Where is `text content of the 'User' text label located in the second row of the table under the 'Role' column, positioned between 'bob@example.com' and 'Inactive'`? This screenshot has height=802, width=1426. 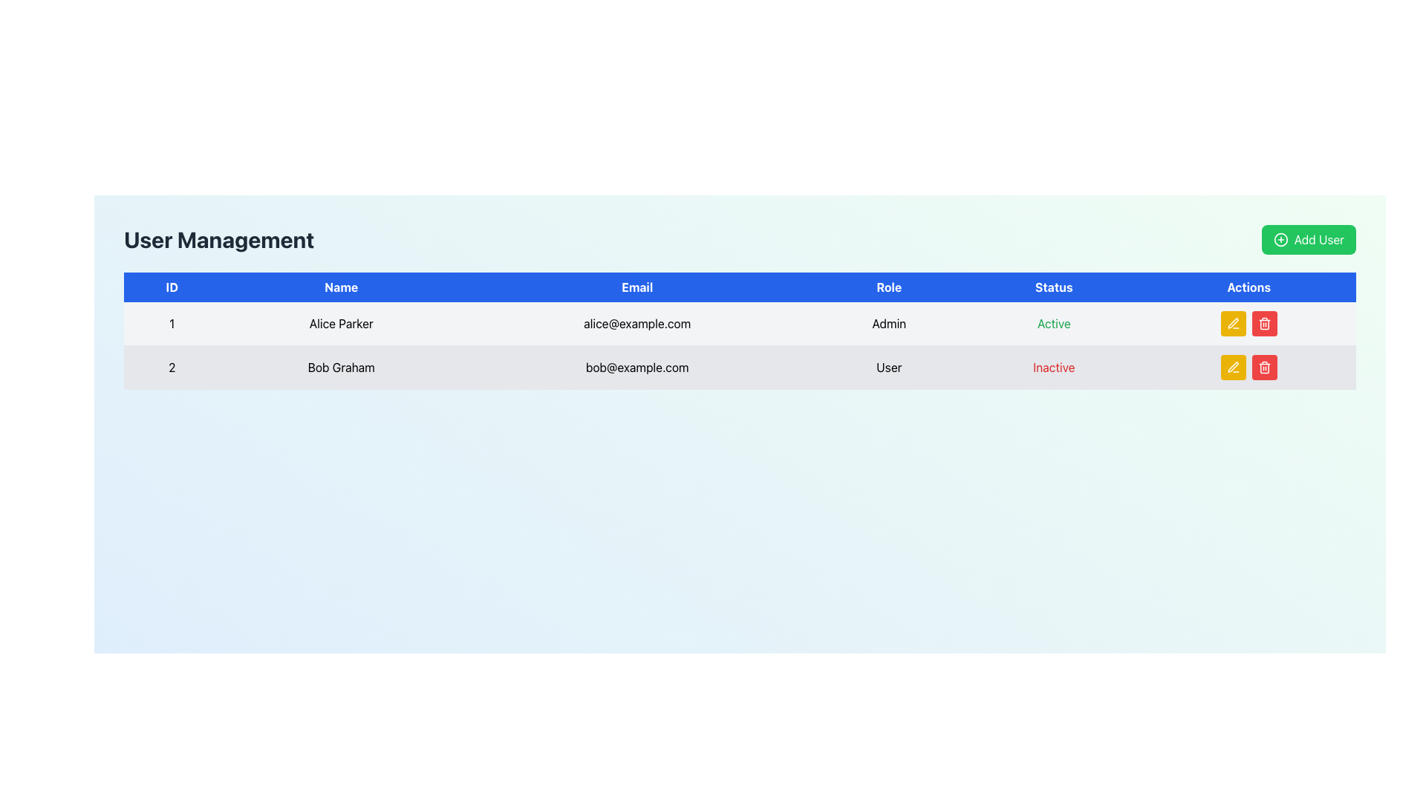
text content of the 'User' text label located in the second row of the table under the 'Role' column, positioned between 'bob@example.com' and 'Inactive' is located at coordinates (889, 367).